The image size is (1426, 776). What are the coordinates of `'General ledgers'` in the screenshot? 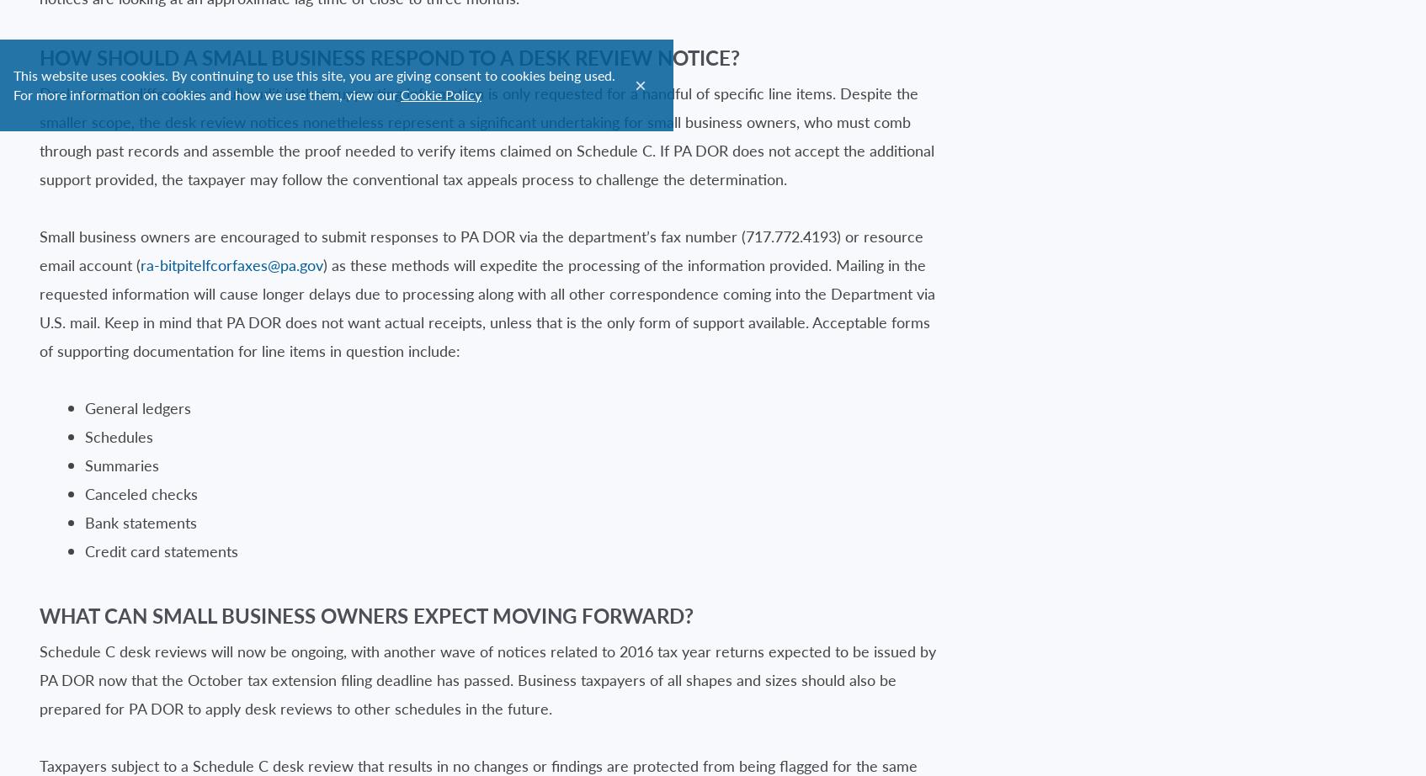 It's located at (136, 407).